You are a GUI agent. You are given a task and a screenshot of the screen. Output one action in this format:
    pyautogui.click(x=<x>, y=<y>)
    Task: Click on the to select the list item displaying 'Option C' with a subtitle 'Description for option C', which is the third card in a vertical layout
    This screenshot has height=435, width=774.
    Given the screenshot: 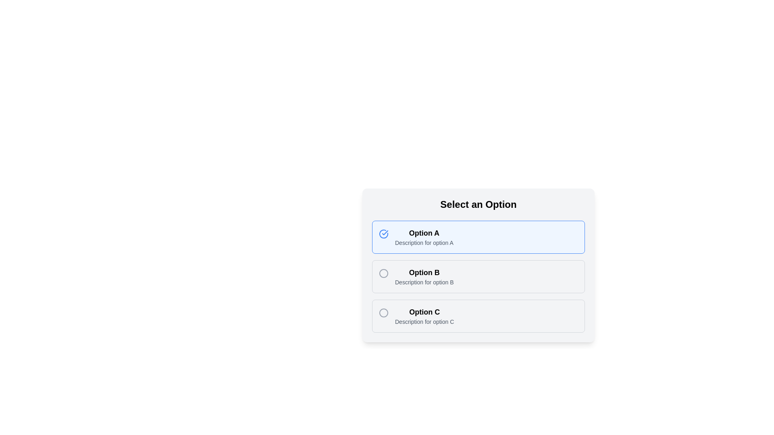 What is the action you would take?
    pyautogui.click(x=424, y=316)
    